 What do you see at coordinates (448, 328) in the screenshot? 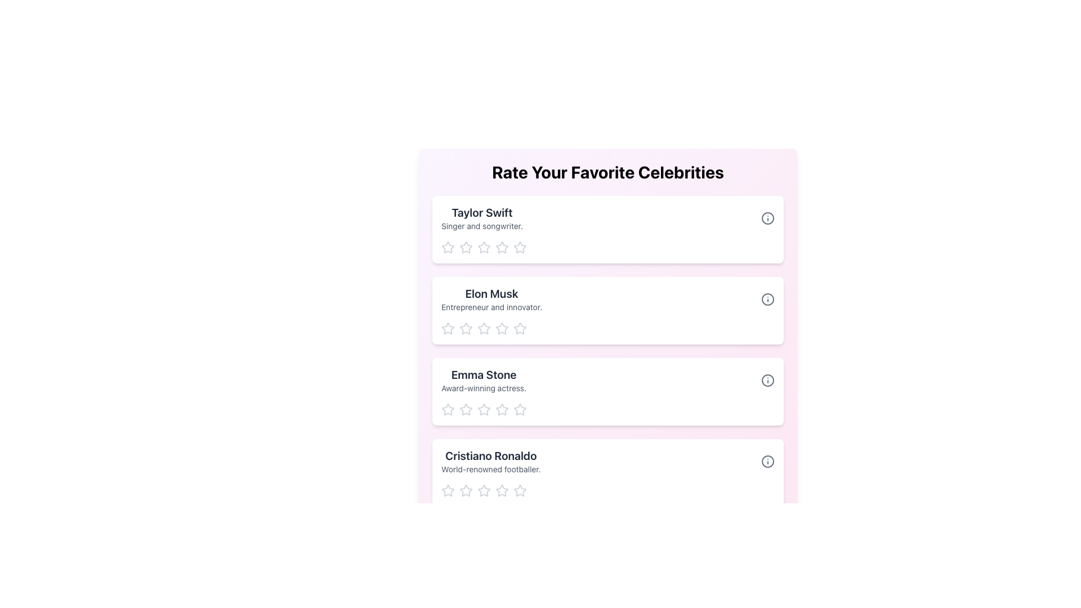
I see `the pointer across the first star of the star rating widget under the 'Elon Musk' section` at bounding box center [448, 328].